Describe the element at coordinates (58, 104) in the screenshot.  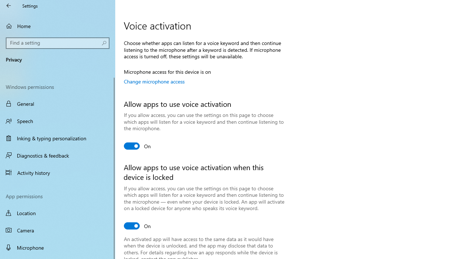
I see `'General'` at that location.